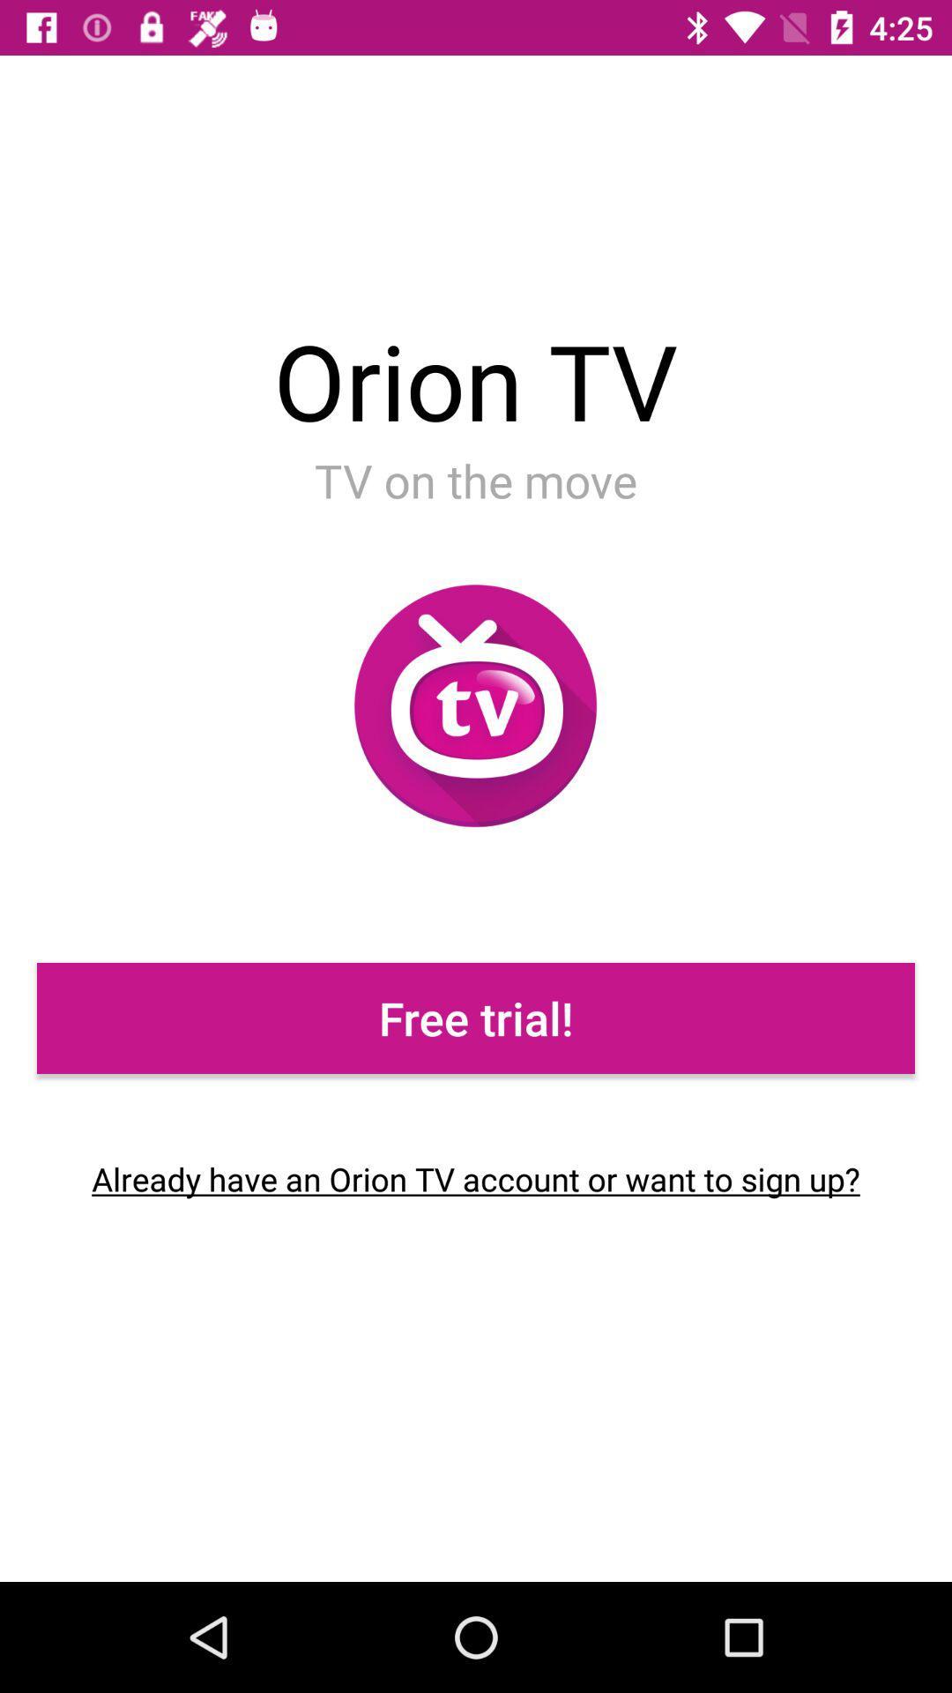 The width and height of the screenshot is (952, 1693). What do you see at coordinates (476, 1018) in the screenshot?
I see `the free trial!` at bounding box center [476, 1018].